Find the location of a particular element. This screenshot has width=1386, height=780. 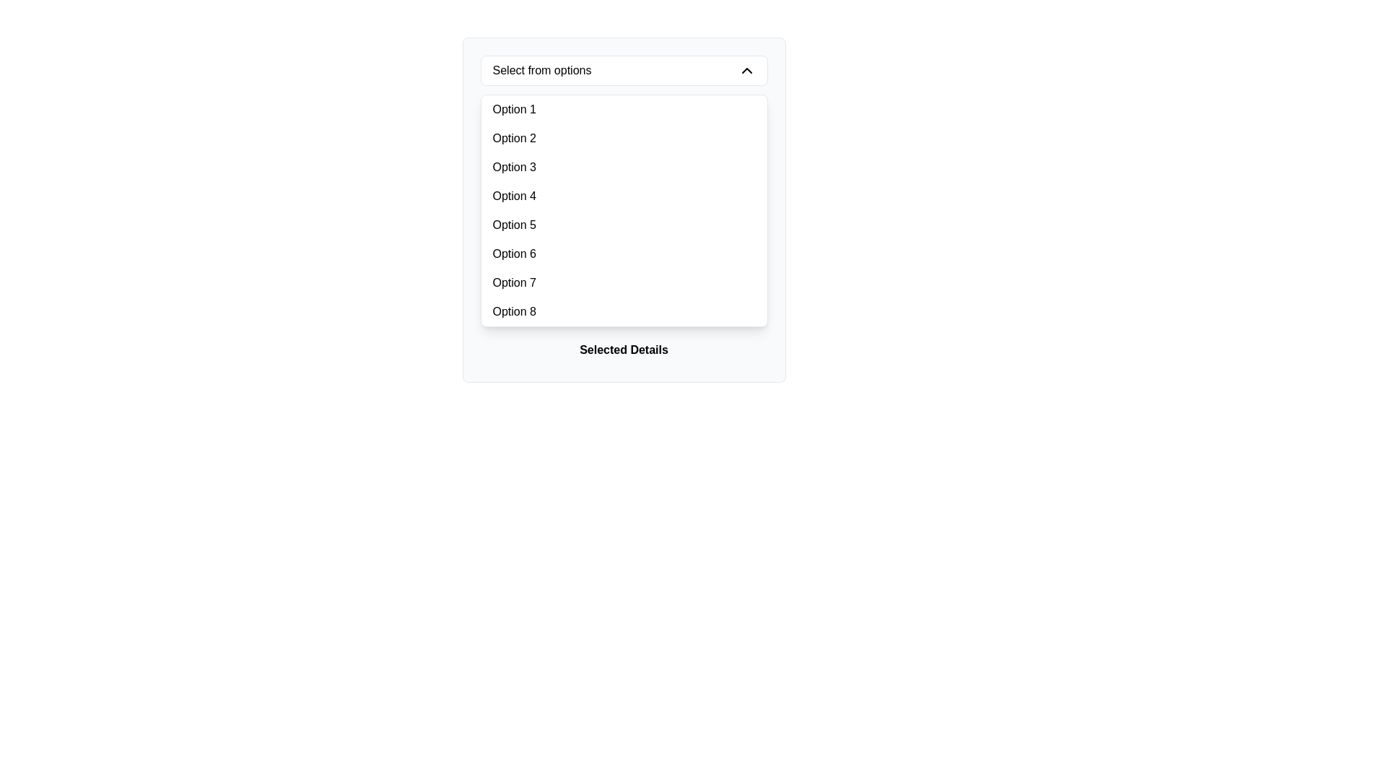

the 'Option 7' in the dropdown menu is located at coordinates (514, 283).